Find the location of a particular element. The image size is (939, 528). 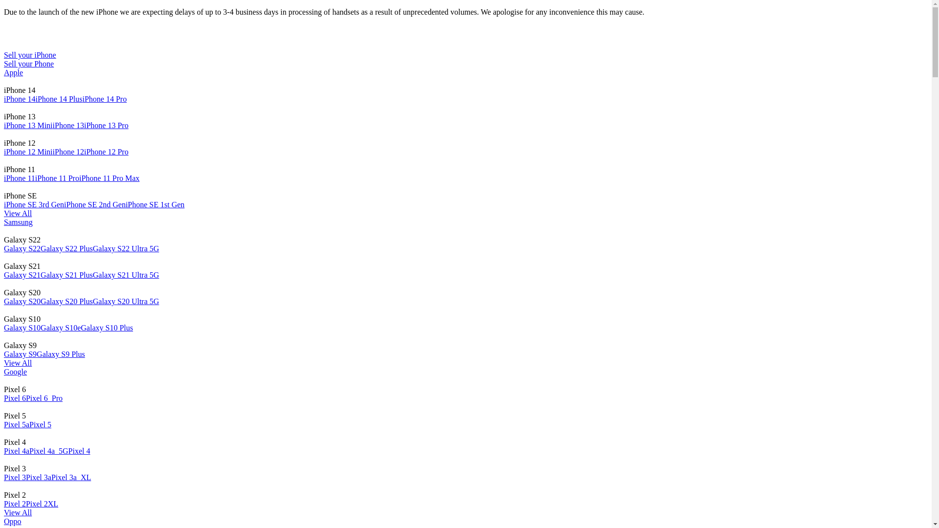

'iPhone 11 Pro Max' is located at coordinates (109, 178).